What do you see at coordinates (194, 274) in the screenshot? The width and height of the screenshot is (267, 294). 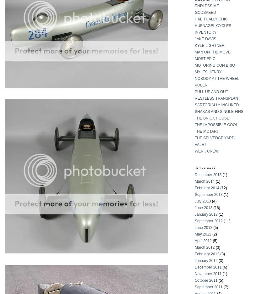 I see `'November 2011'` at bounding box center [194, 274].